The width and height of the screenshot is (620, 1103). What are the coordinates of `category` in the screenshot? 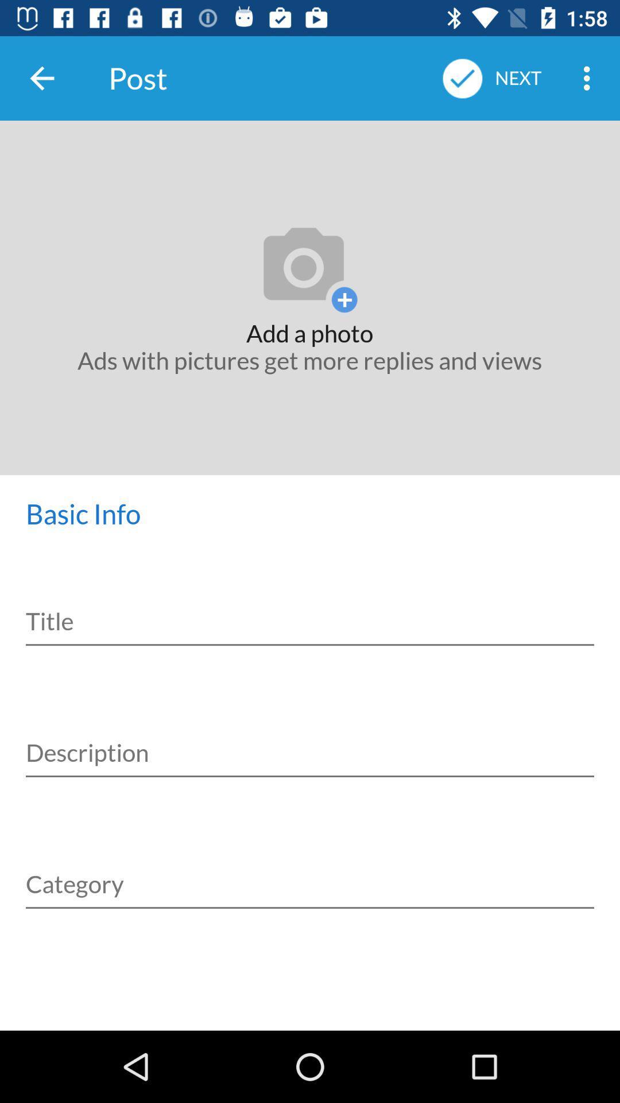 It's located at (310, 871).